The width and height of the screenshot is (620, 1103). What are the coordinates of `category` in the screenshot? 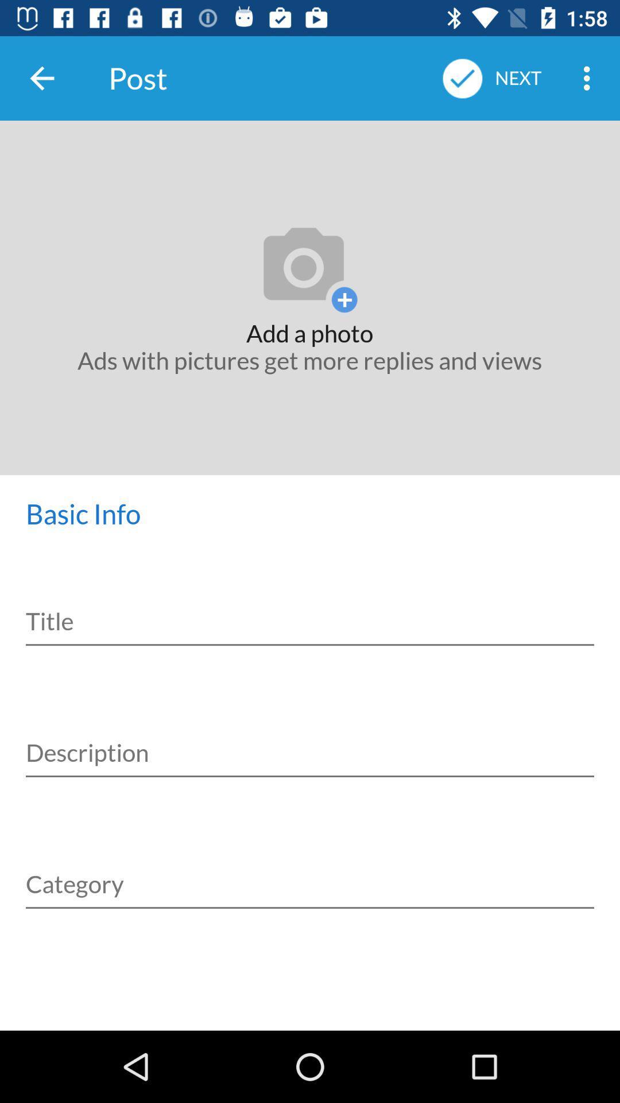 It's located at (310, 871).